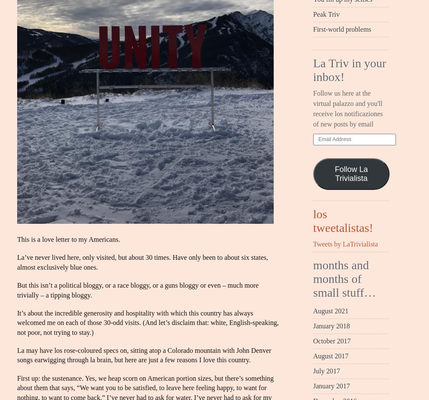 The height and width of the screenshot is (400, 429). Describe the element at coordinates (142, 262) in the screenshot. I see `'La’ve never lived here, only visited, but about 30 times. Have only been to about six states, almost exclusively blue ones.'` at that location.